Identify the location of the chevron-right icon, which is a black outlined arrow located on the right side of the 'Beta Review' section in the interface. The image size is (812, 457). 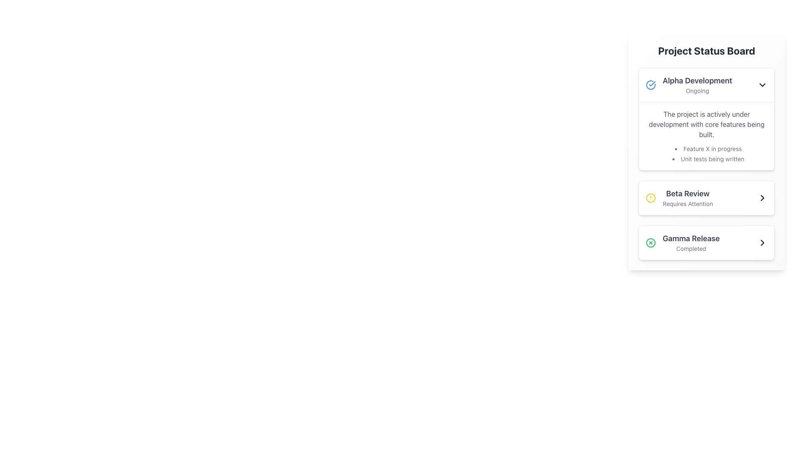
(763, 243).